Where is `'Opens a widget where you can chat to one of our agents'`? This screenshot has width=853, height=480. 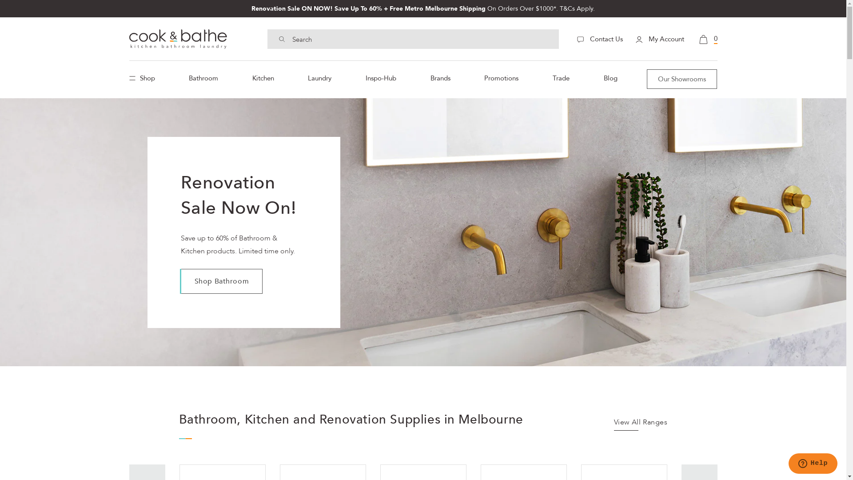
'Opens a widget where you can chat to one of our agents' is located at coordinates (813, 464).